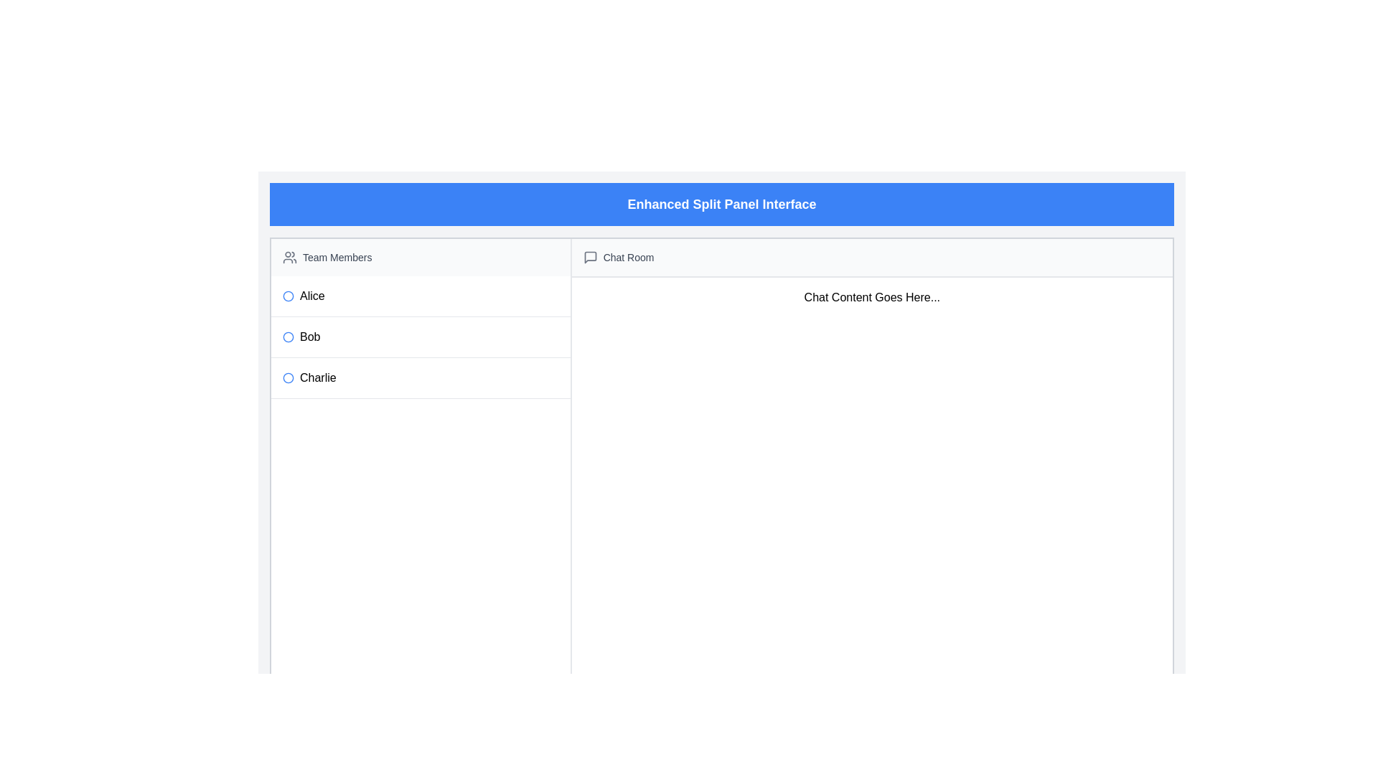 The image size is (1378, 775). Describe the element at coordinates (420, 296) in the screenshot. I see `the List Item labeled 'Alice' which is the first entry in the vertical list of names, featuring a blue circular indicator to its left` at that location.